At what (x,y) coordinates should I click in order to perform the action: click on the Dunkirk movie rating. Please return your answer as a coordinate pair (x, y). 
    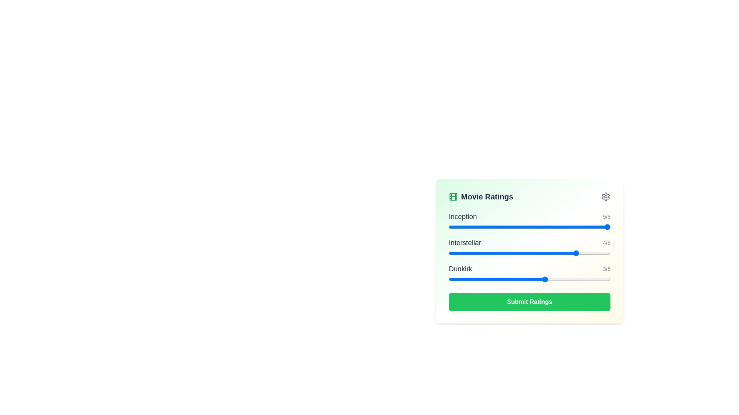
    Looking at the image, I should click on (513, 279).